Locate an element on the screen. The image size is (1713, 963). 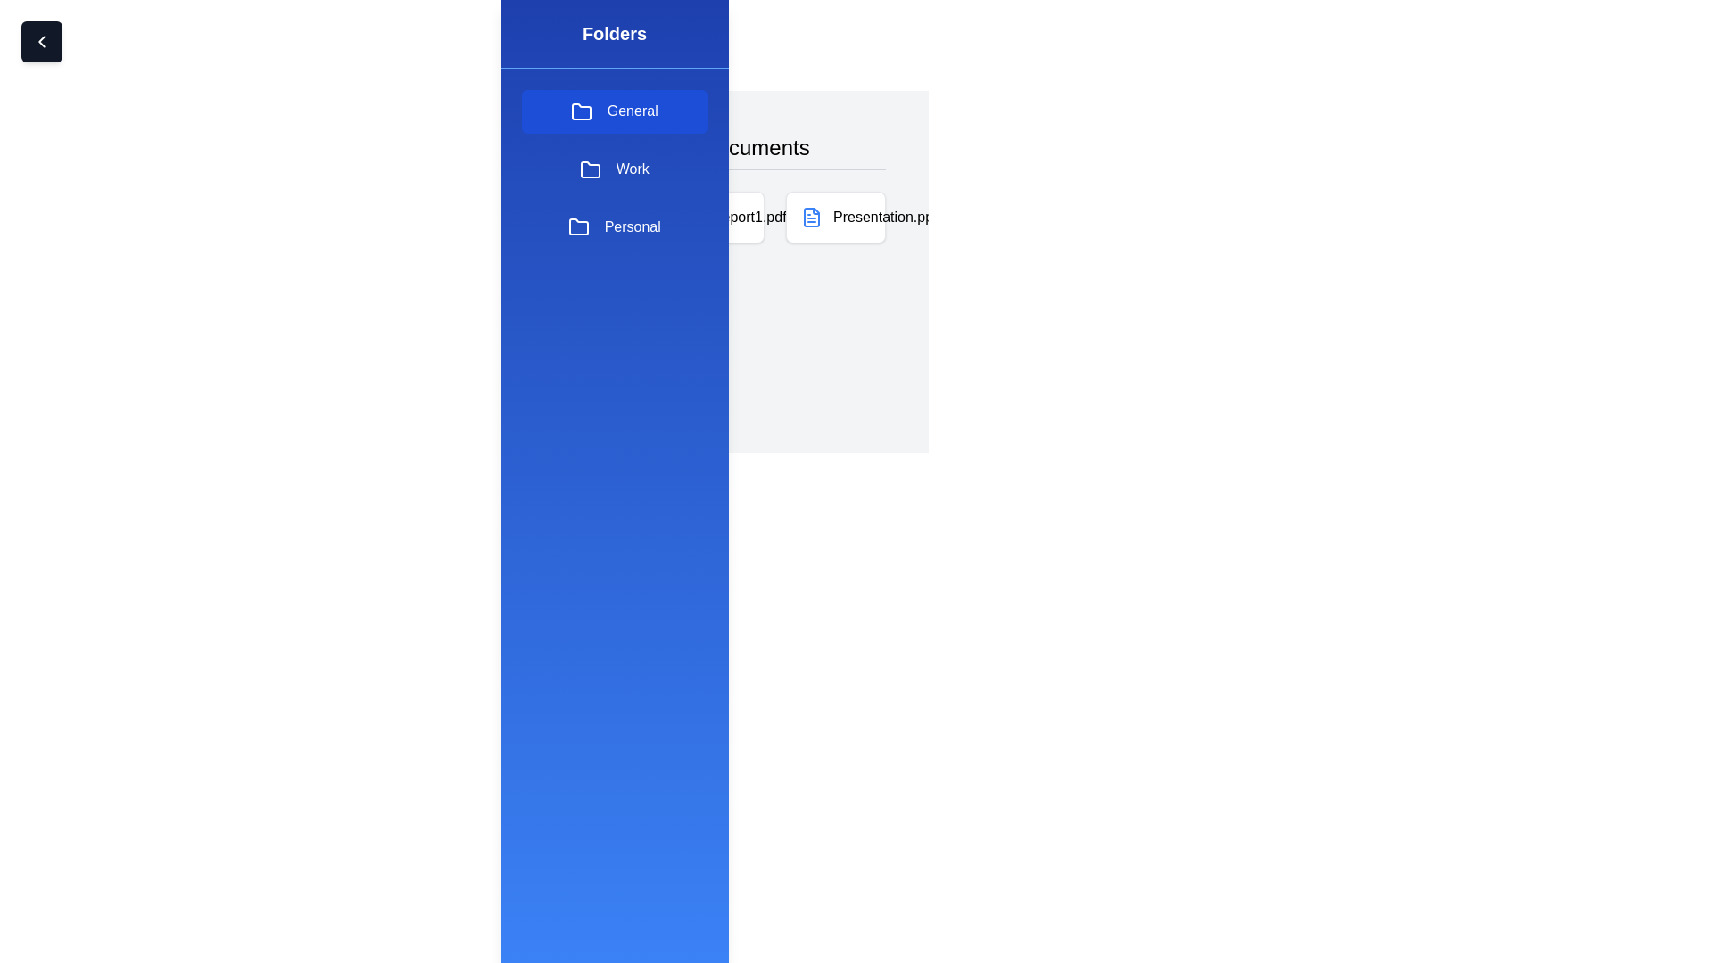
the navigation button that provides access to the 'General' folder, located in the left sidebar above the 'Work' and 'Personal' buttons is located at coordinates (615, 111).